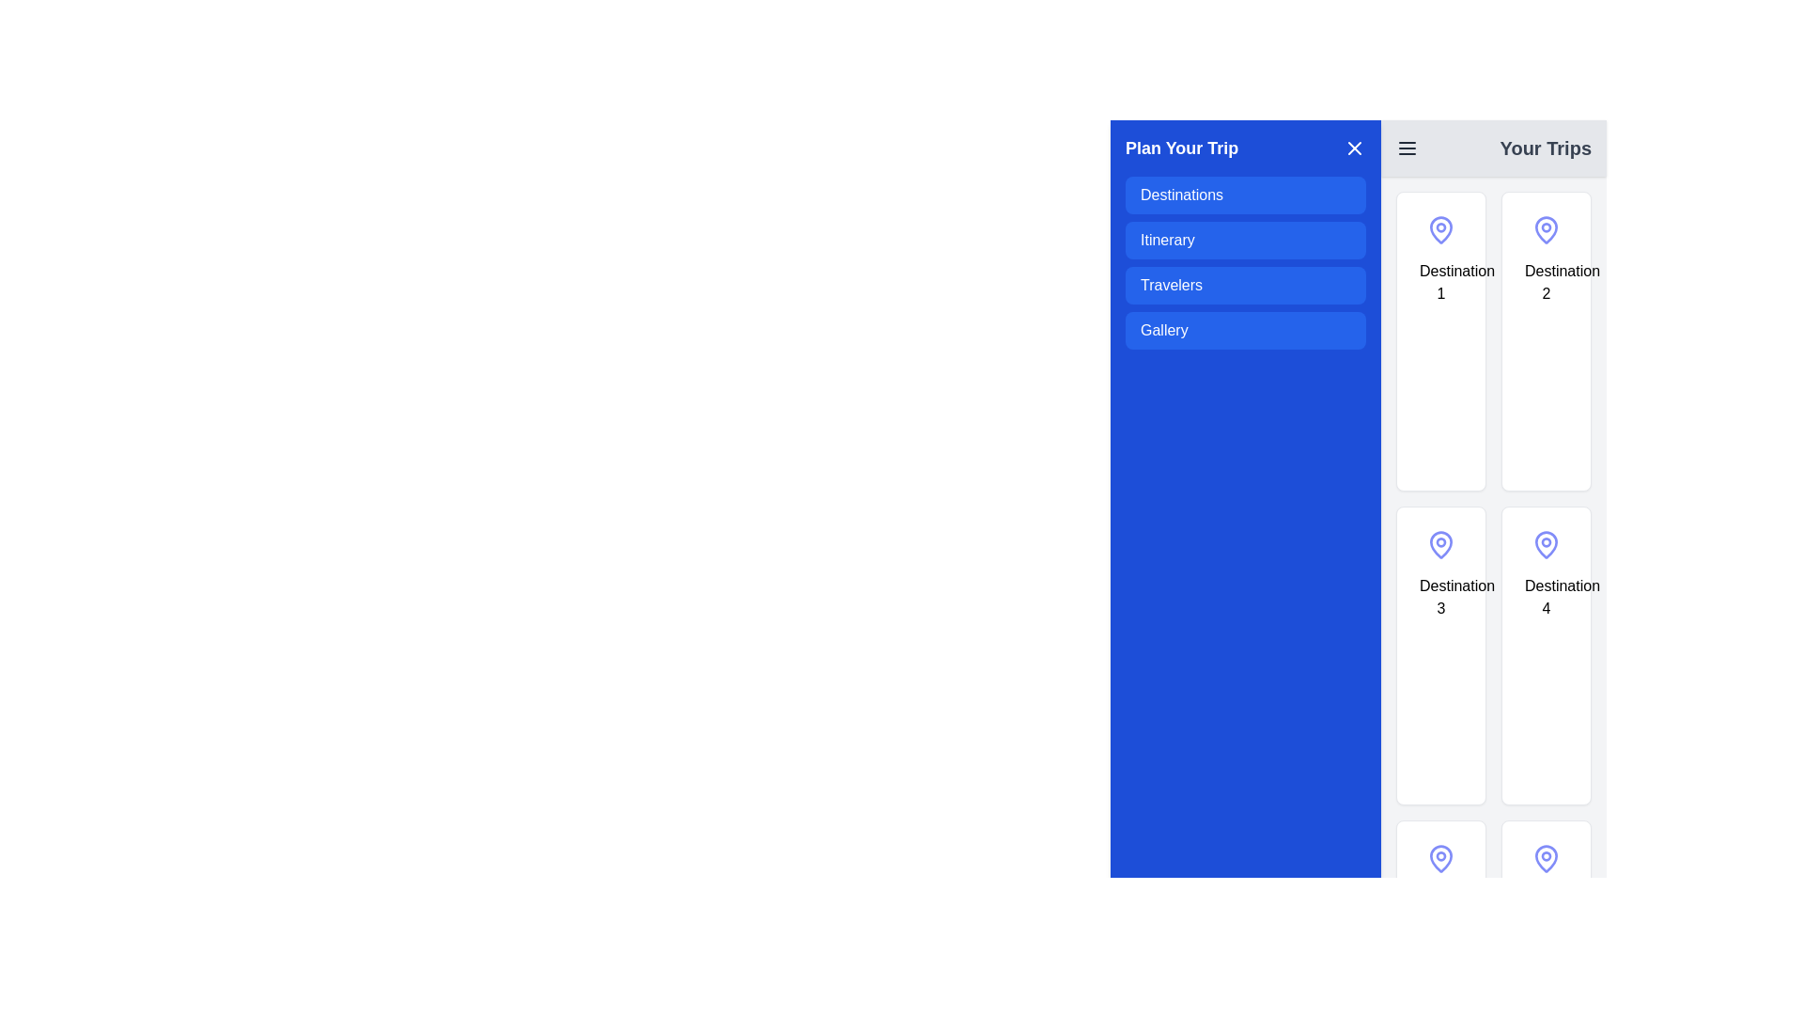 The image size is (1804, 1015). I want to click on the fourth button in the vertical stack located inside the blue panel titled 'Plan Your Trip', so click(1245, 329).